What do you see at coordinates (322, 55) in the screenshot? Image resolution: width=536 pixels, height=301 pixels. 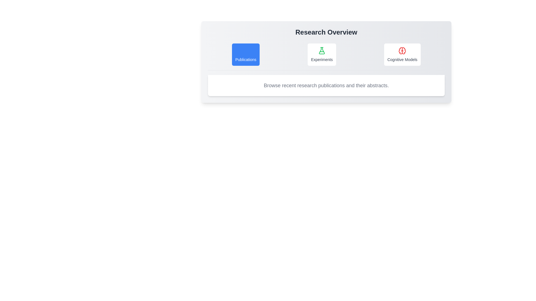 I see `the tab labeled Experiments` at bounding box center [322, 55].